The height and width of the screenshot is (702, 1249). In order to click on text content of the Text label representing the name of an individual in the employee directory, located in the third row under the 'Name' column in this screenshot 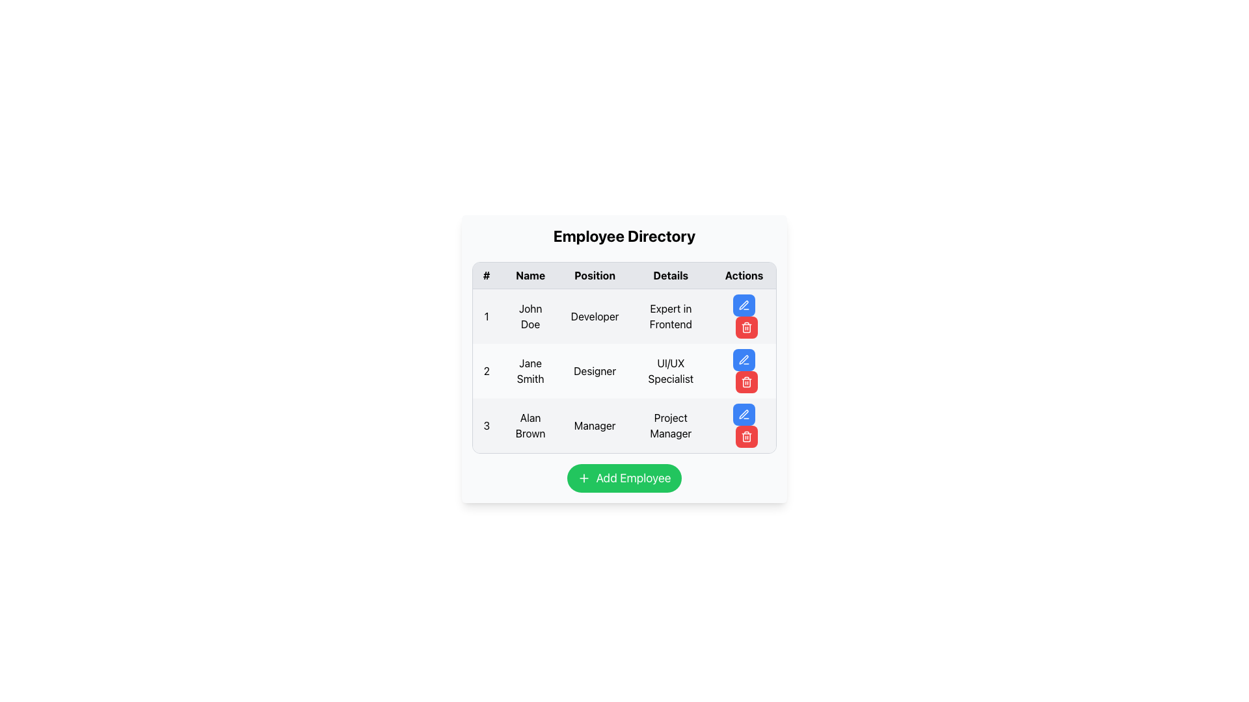, I will do `click(530, 426)`.